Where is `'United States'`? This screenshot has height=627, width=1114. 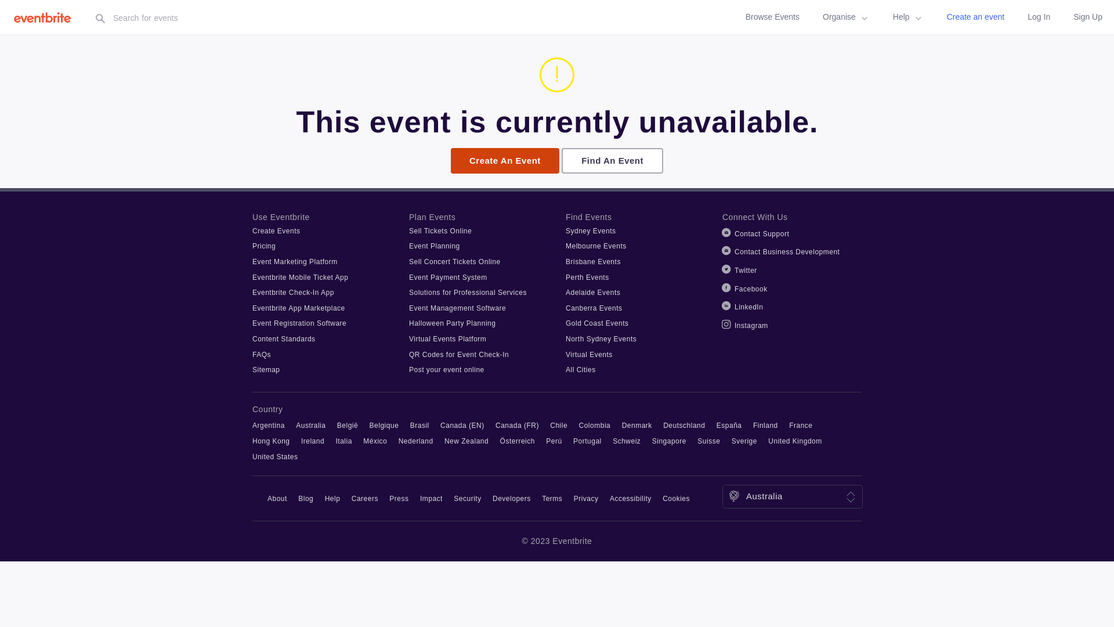 'United States' is located at coordinates (274, 456).